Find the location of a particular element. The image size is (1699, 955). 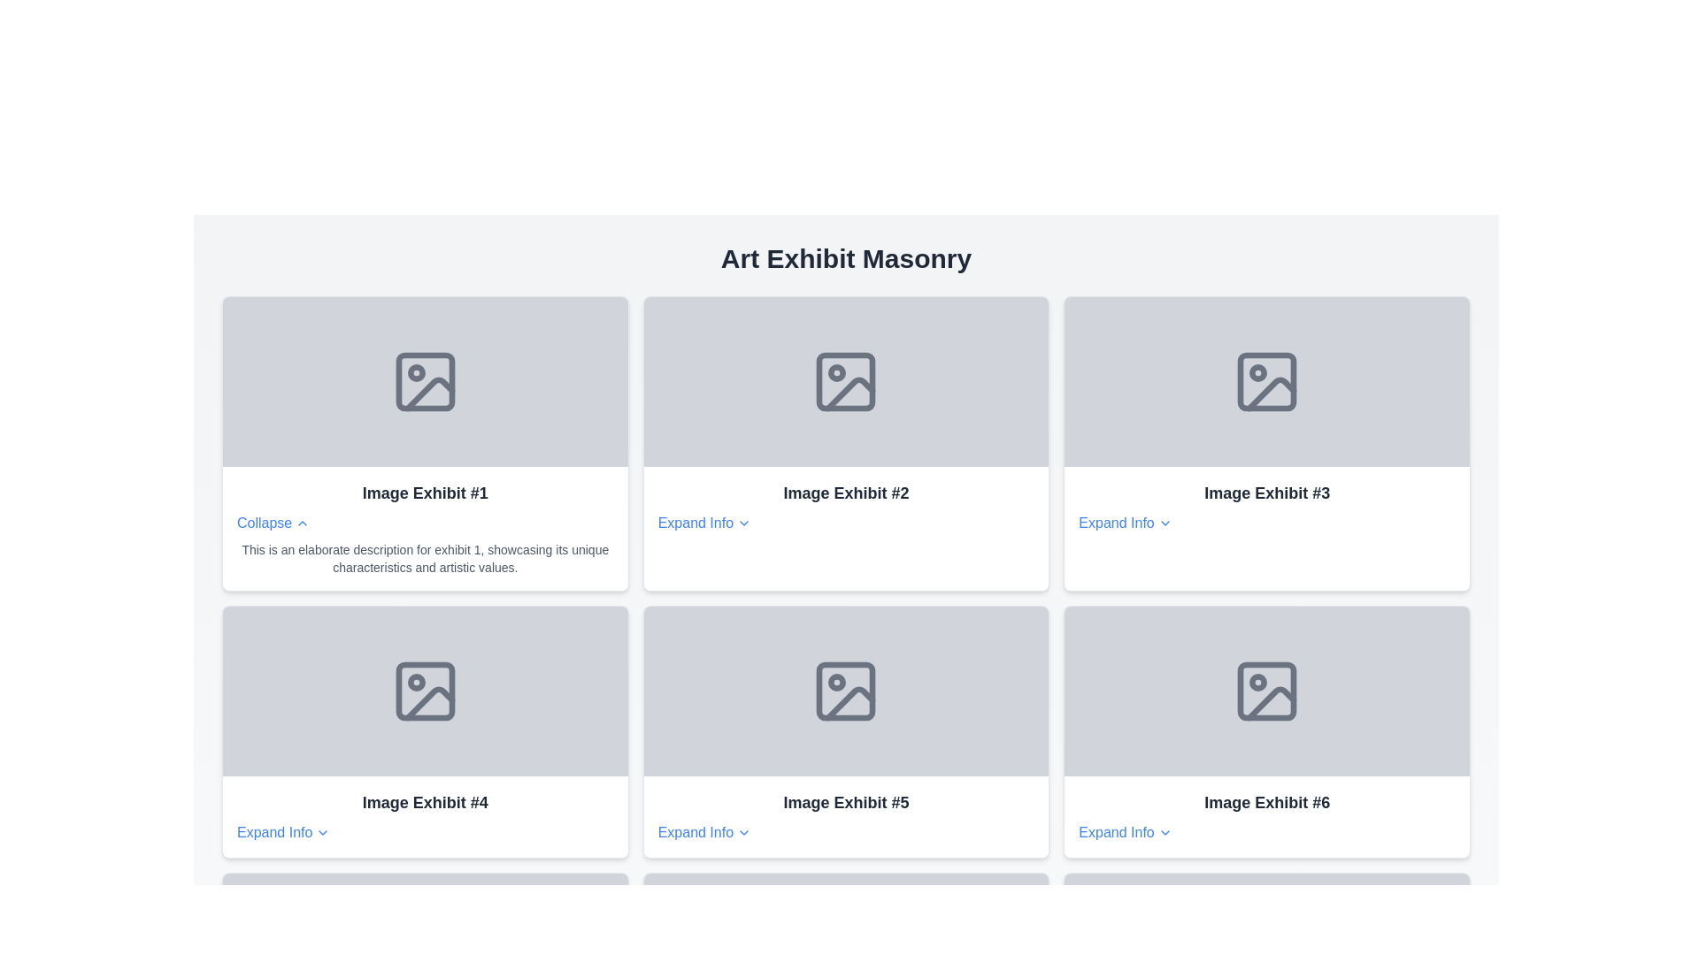

text label displaying 'Image Exhibit #4', which is styled bold and dark gray, located in the first column of the second row of the masonry grid is located at coordinates (425, 802).